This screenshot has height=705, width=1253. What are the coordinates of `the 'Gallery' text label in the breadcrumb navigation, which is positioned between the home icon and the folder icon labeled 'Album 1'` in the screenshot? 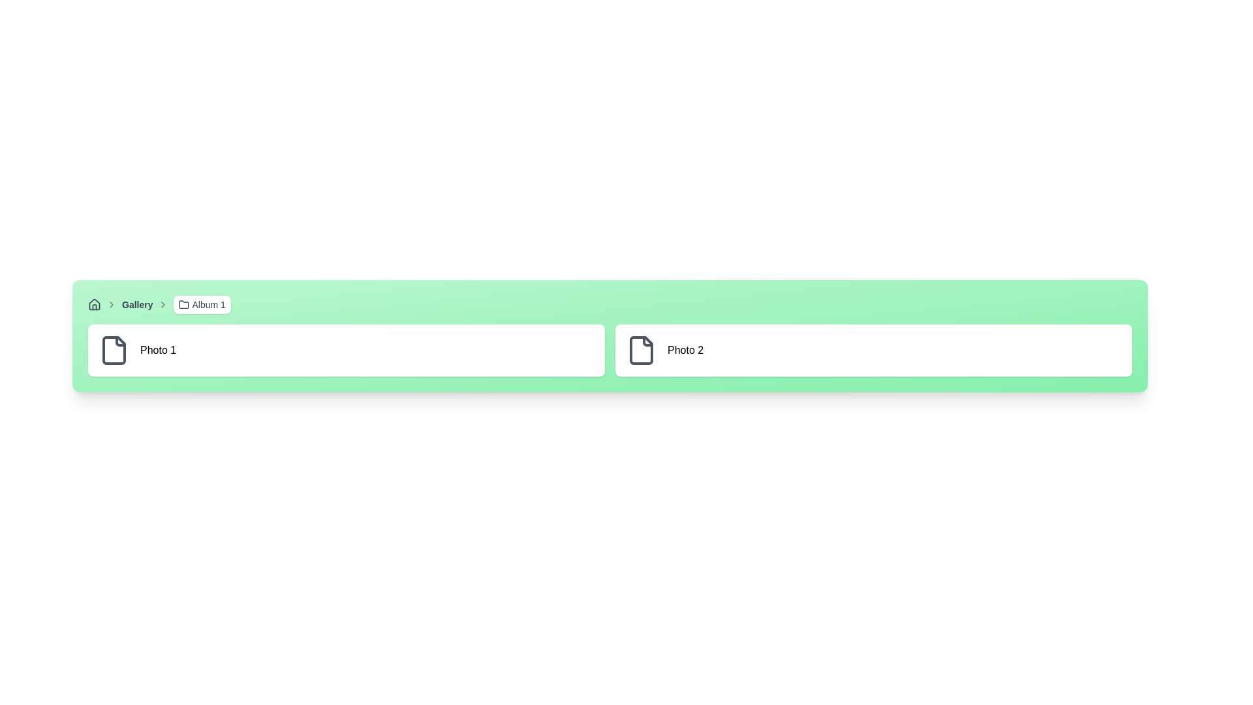 It's located at (137, 304).